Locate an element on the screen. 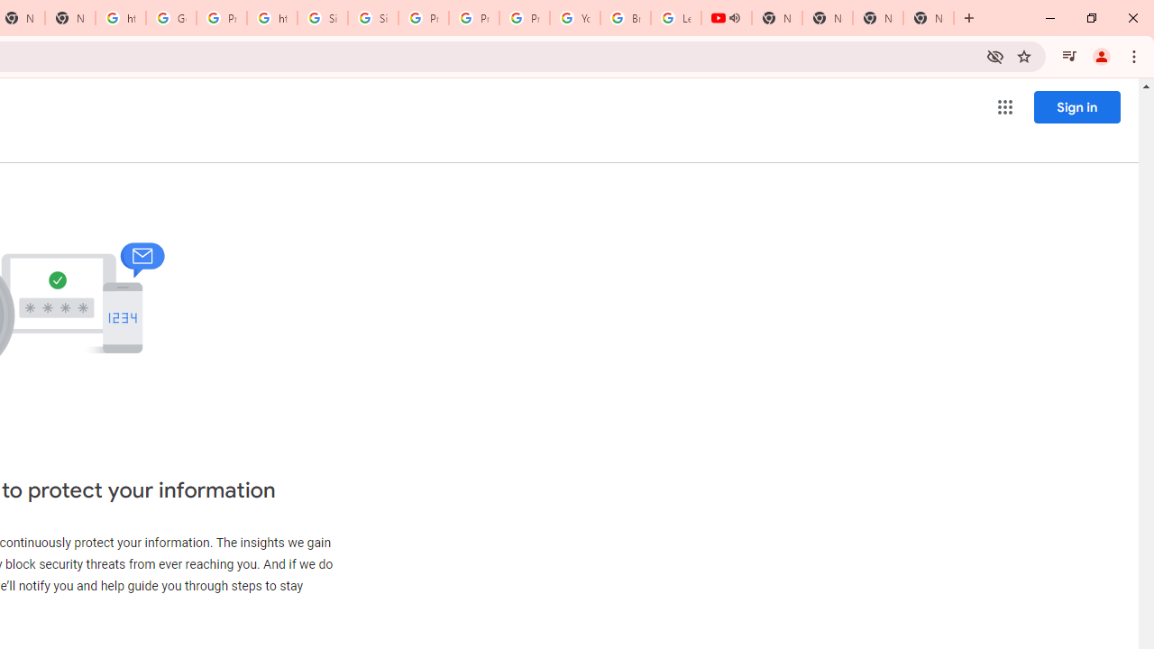 The width and height of the screenshot is (1154, 649). 'Privacy Help Center - Policies Help' is located at coordinates (474, 18).